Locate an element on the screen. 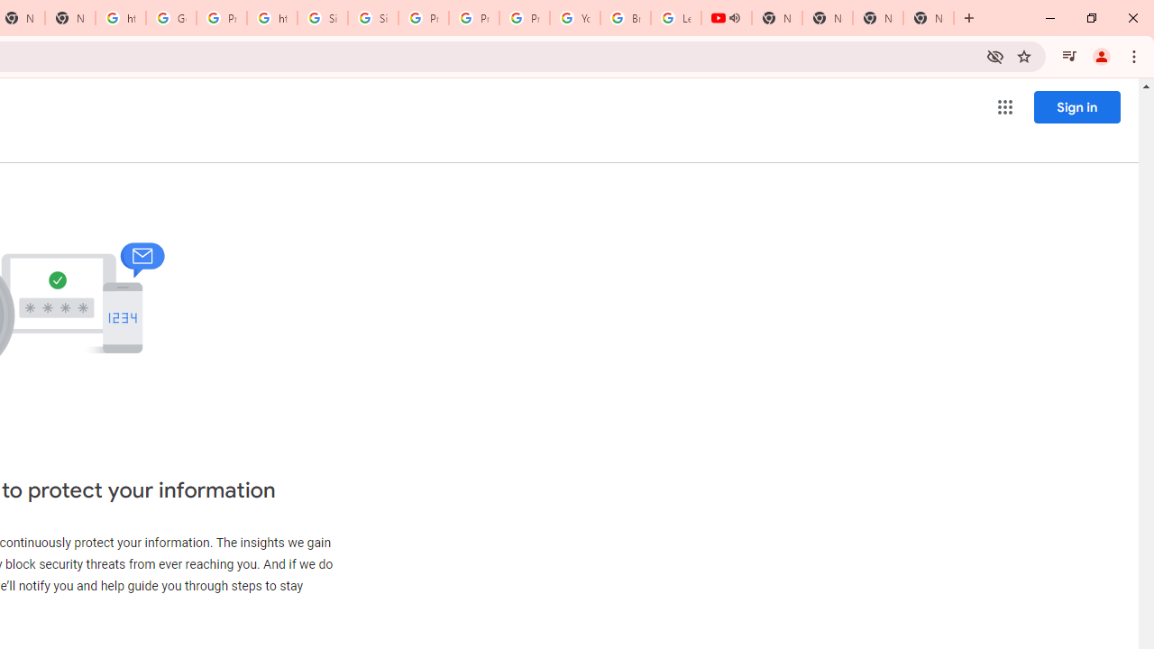 The width and height of the screenshot is (1154, 649). 'Privacy Help Center - Policies Help' is located at coordinates (474, 18).